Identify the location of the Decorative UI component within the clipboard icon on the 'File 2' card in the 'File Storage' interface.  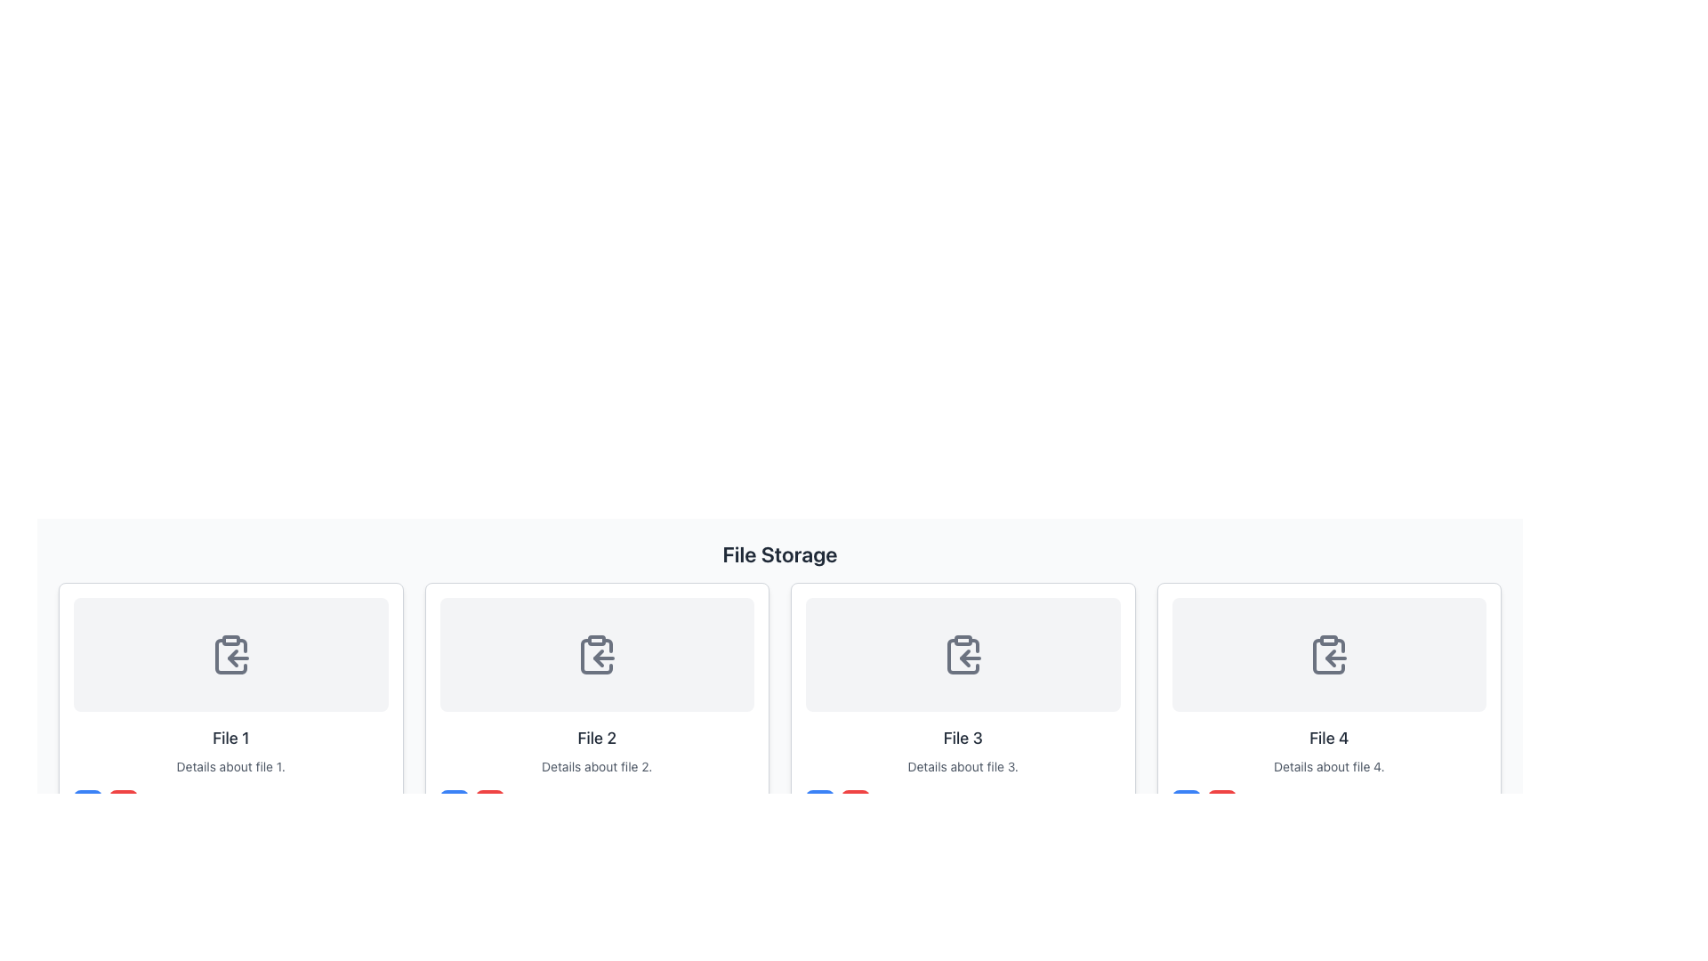
(597, 641).